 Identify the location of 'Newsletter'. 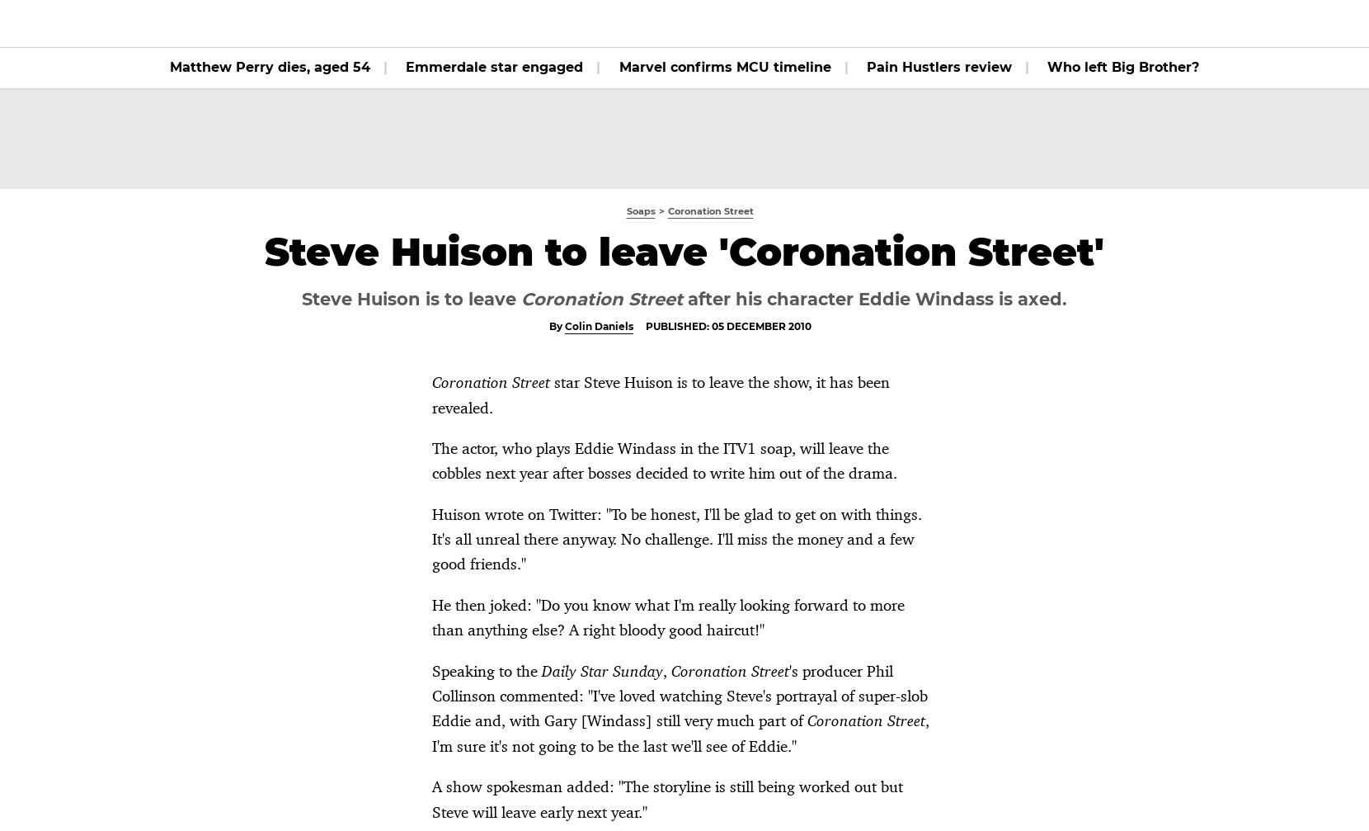
(1126, 22).